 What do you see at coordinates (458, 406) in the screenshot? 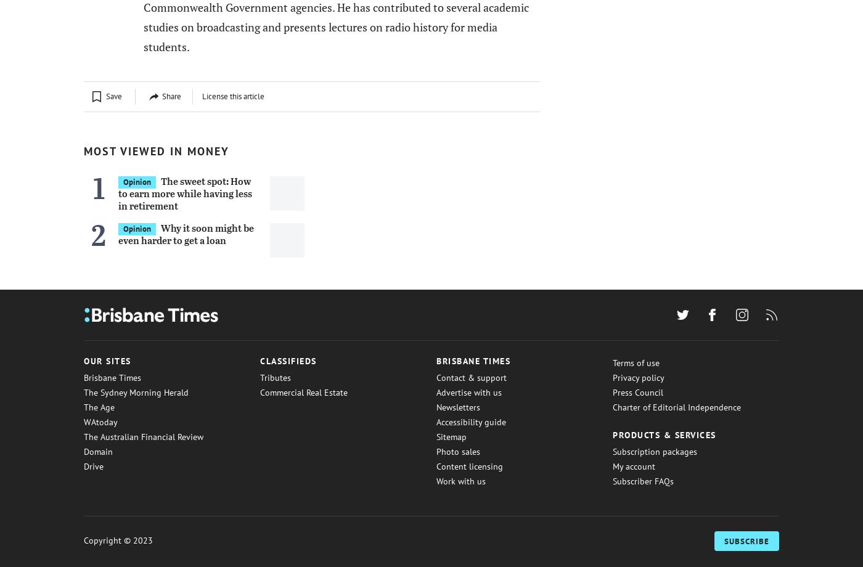
I see `'Newsletters'` at bounding box center [458, 406].